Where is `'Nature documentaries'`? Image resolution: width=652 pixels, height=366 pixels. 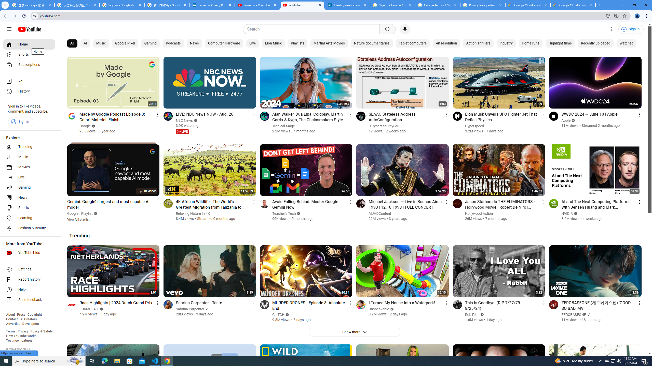
'Nature documentaries' is located at coordinates (372, 43).